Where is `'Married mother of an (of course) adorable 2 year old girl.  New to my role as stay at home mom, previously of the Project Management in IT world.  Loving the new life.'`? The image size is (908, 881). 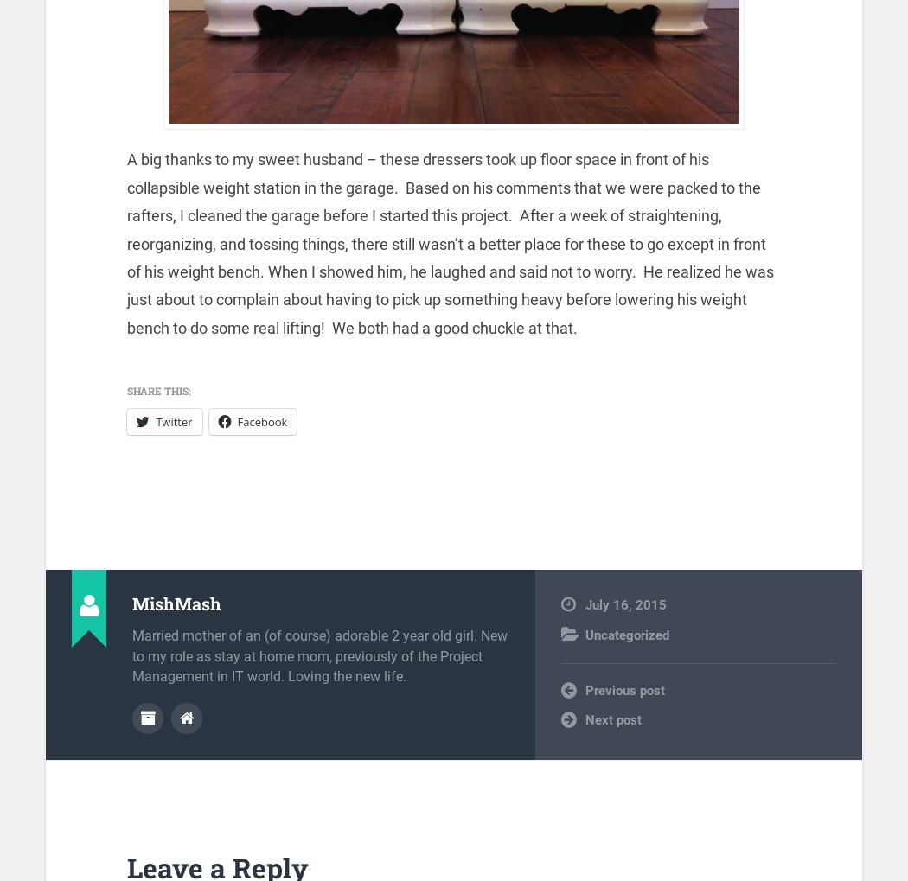 'Married mother of an (of course) adorable 2 year old girl.  New to my role as stay at home mom, previously of the Project Management in IT world.  Loving the new life.' is located at coordinates (319, 654).